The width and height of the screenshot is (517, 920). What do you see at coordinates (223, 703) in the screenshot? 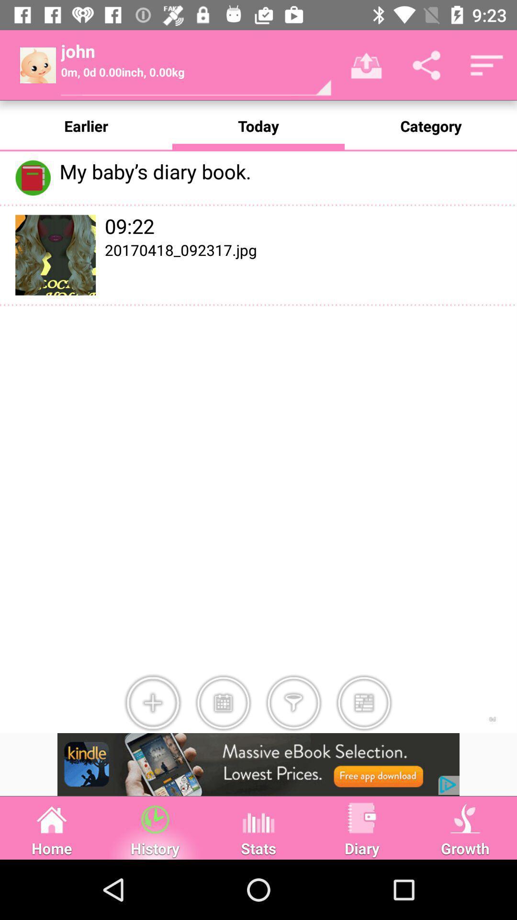
I see `option` at bounding box center [223, 703].